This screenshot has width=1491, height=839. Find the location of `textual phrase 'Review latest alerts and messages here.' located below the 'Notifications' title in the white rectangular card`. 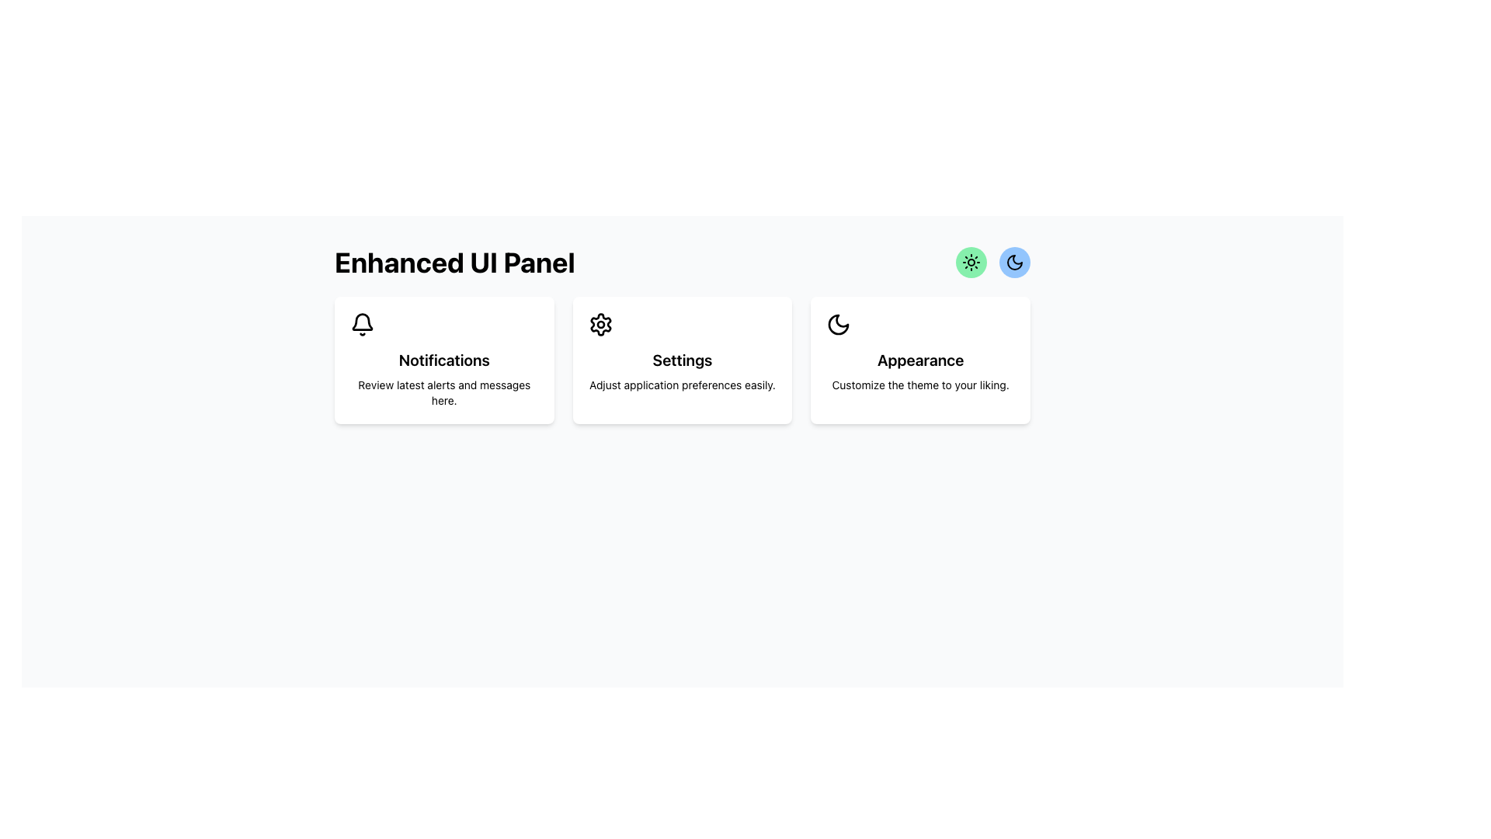

textual phrase 'Review latest alerts and messages here.' located below the 'Notifications' title in the white rectangular card is located at coordinates (443, 392).